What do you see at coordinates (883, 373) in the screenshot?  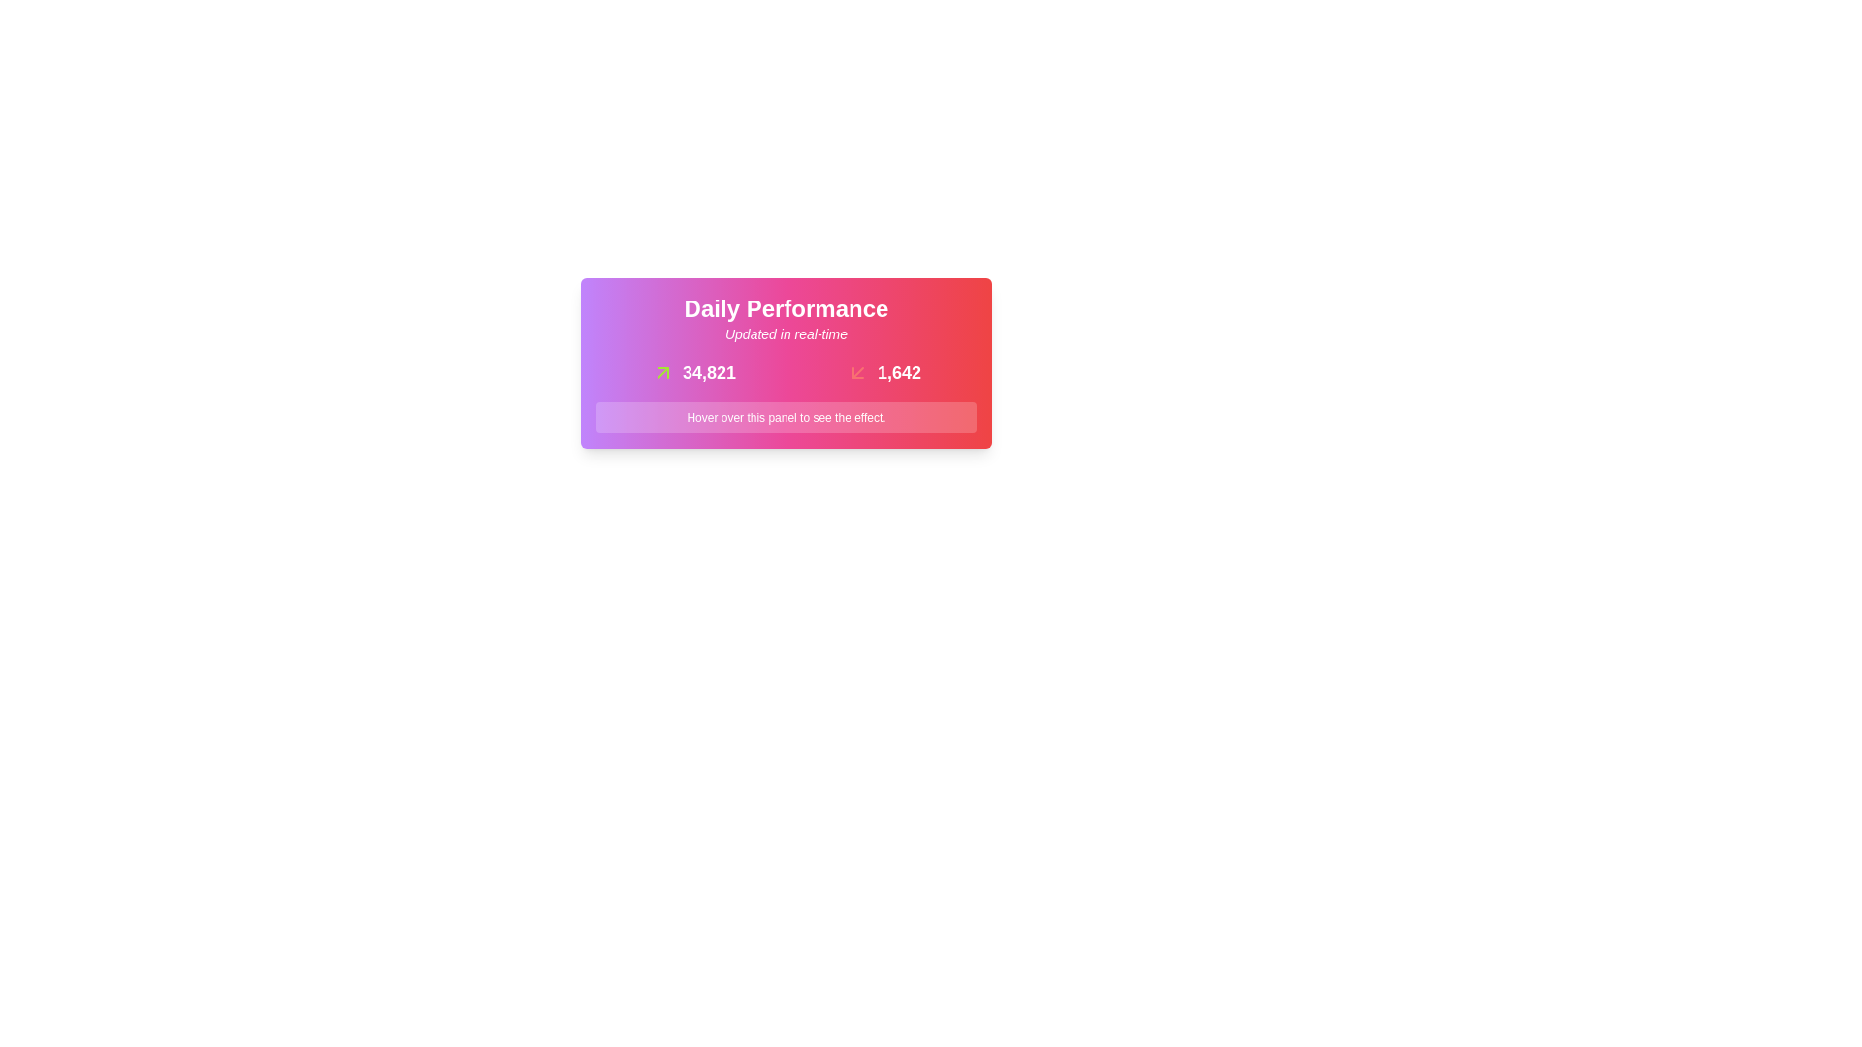 I see `displayed information of the statistic '1,642' with the red downward arrow icon in the Daily Performance panel, located in the lower-right section` at bounding box center [883, 373].